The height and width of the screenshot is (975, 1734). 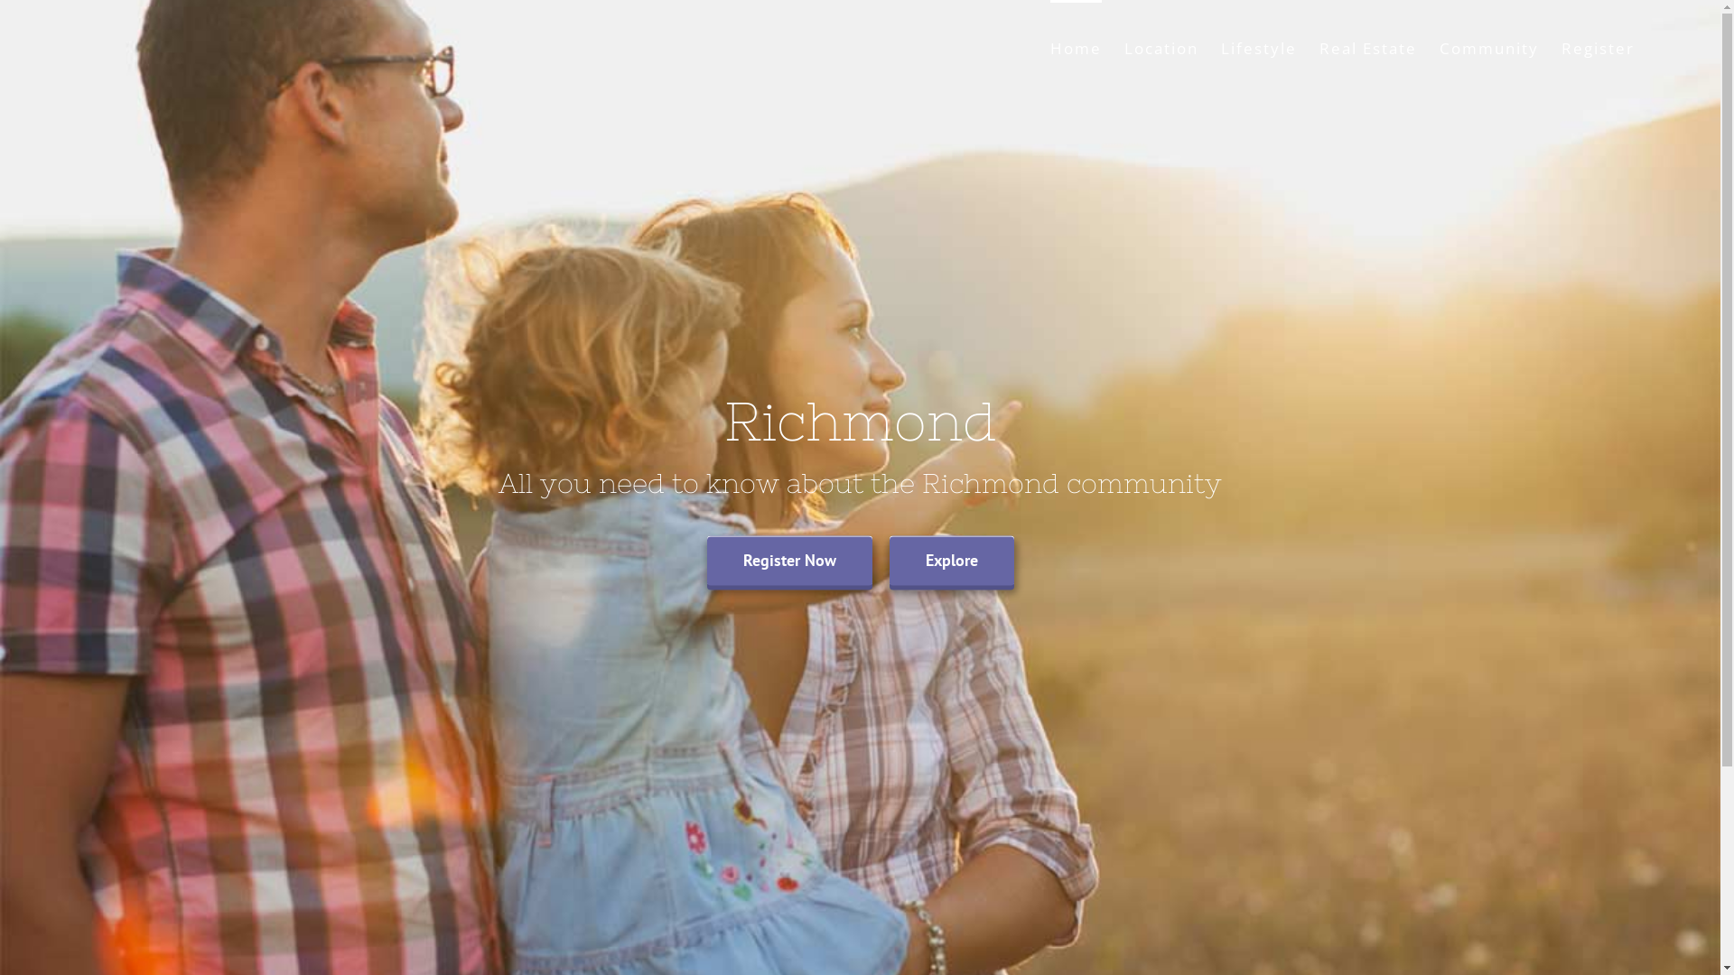 What do you see at coordinates (1598, 45) in the screenshot?
I see `'Register'` at bounding box center [1598, 45].